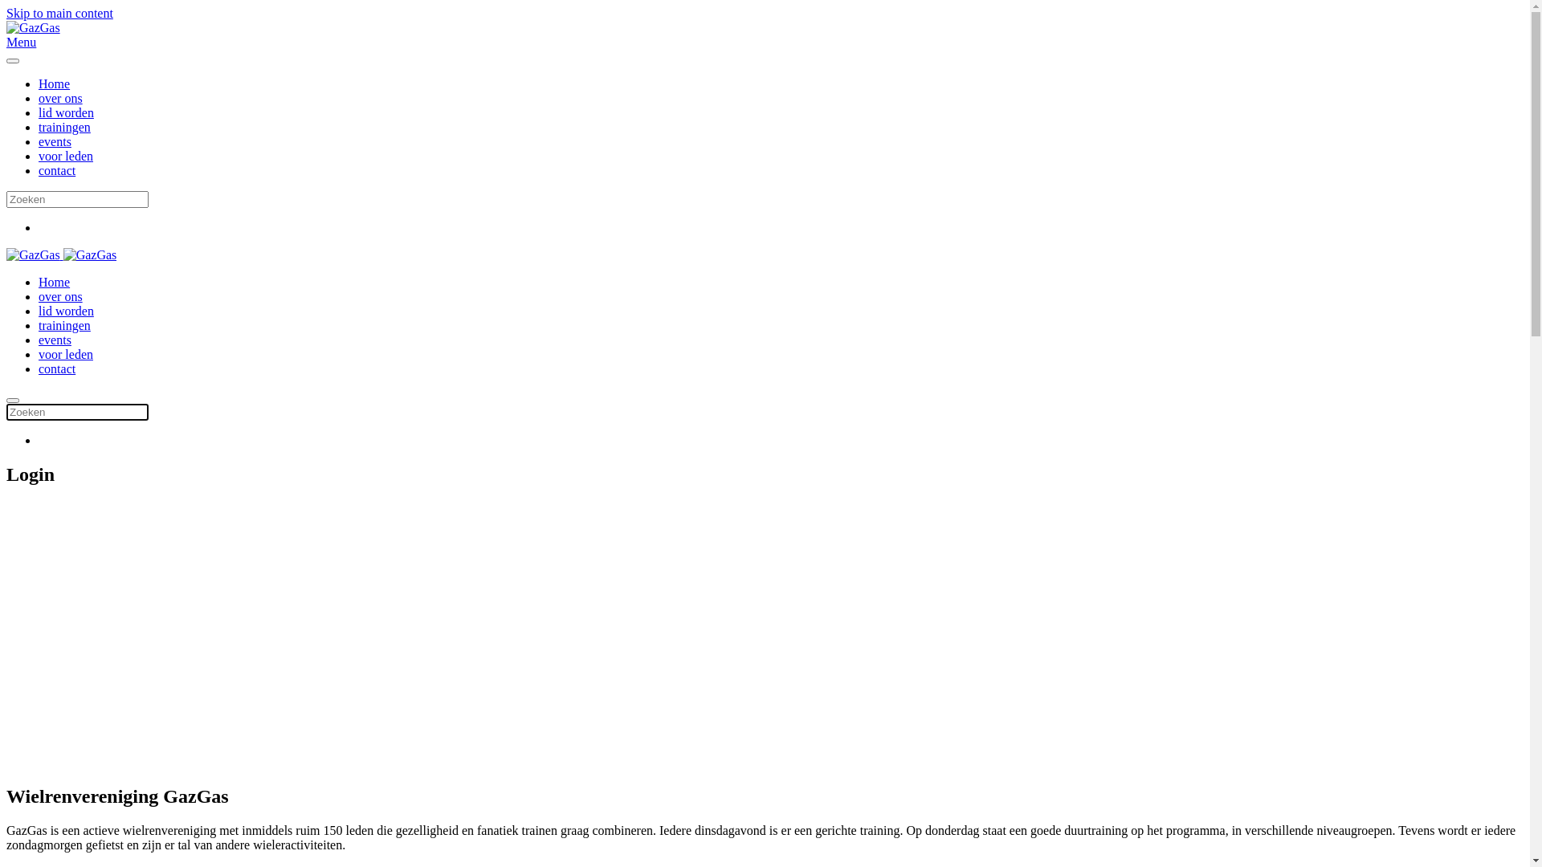  What do you see at coordinates (39, 156) in the screenshot?
I see `'voor leden'` at bounding box center [39, 156].